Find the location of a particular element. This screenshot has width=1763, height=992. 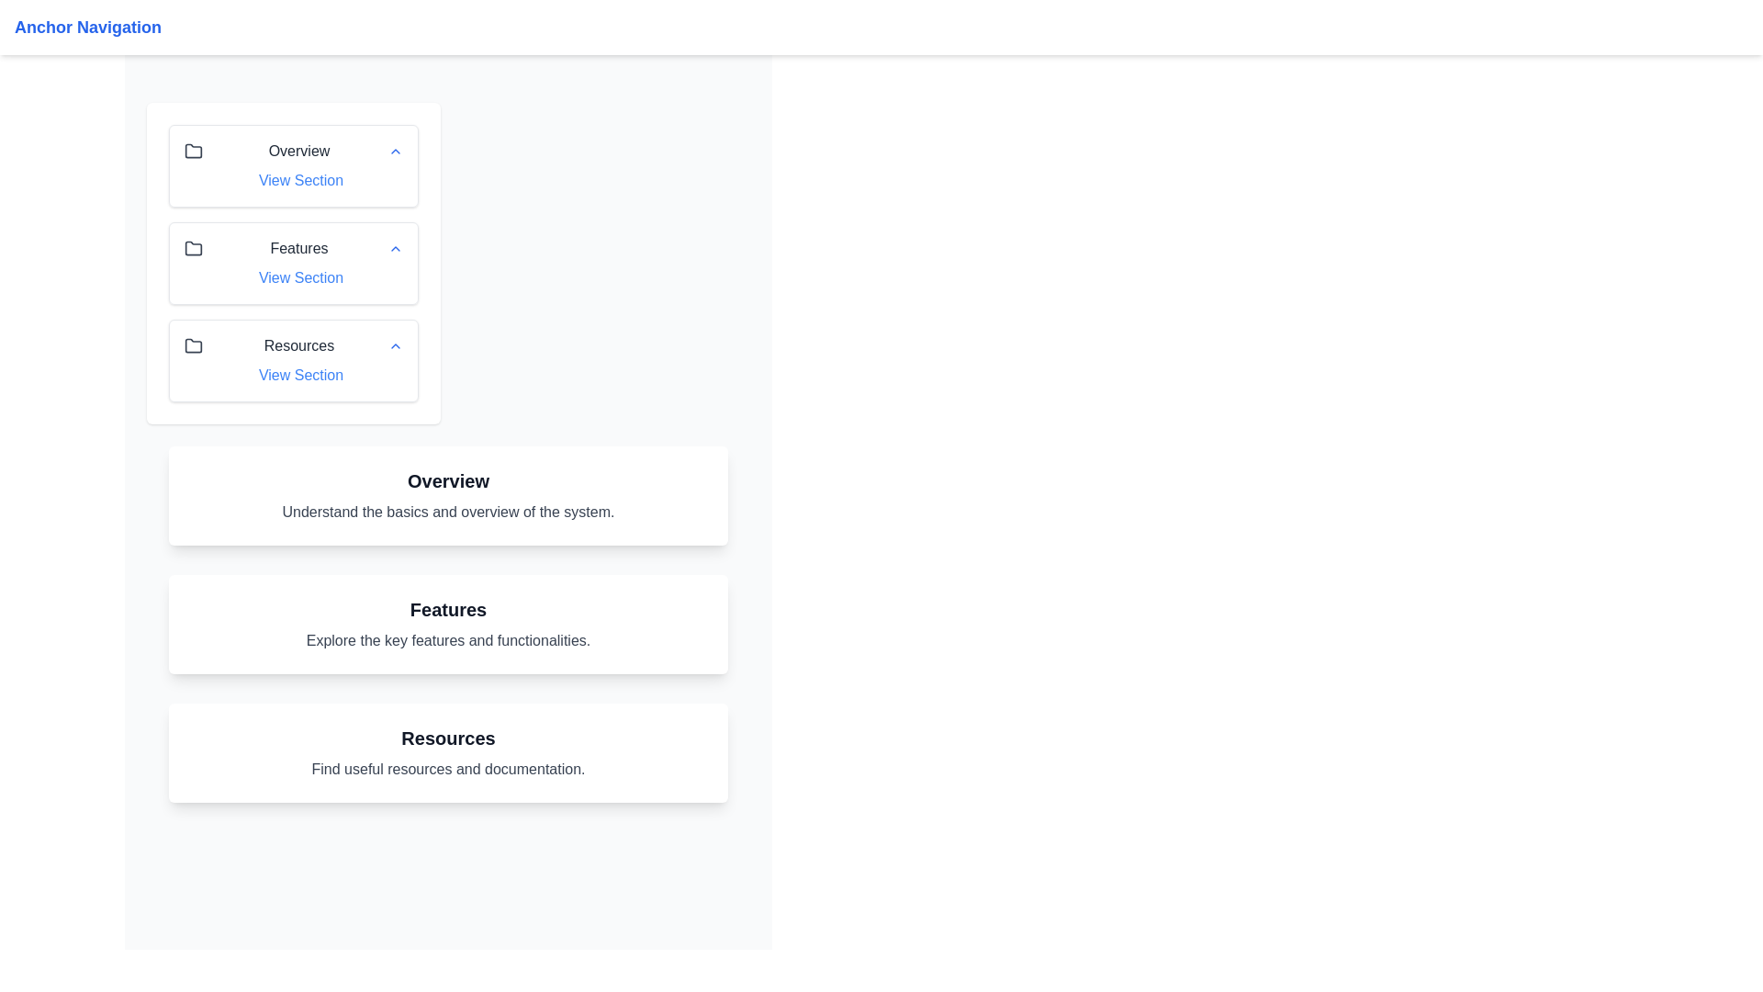

the 'Anchor Navigation' text label, which is a bold, large, blue-colored label located in the white header bar at the top of the page is located at coordinates (87, 28).